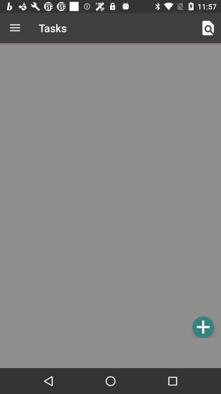 This screenshot has width=221, height=394. I want to click on task, so click(203, 327).